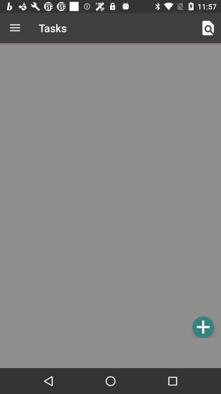 This screenshot has width=221, height=394. I want to click on task, so click(203, 327).